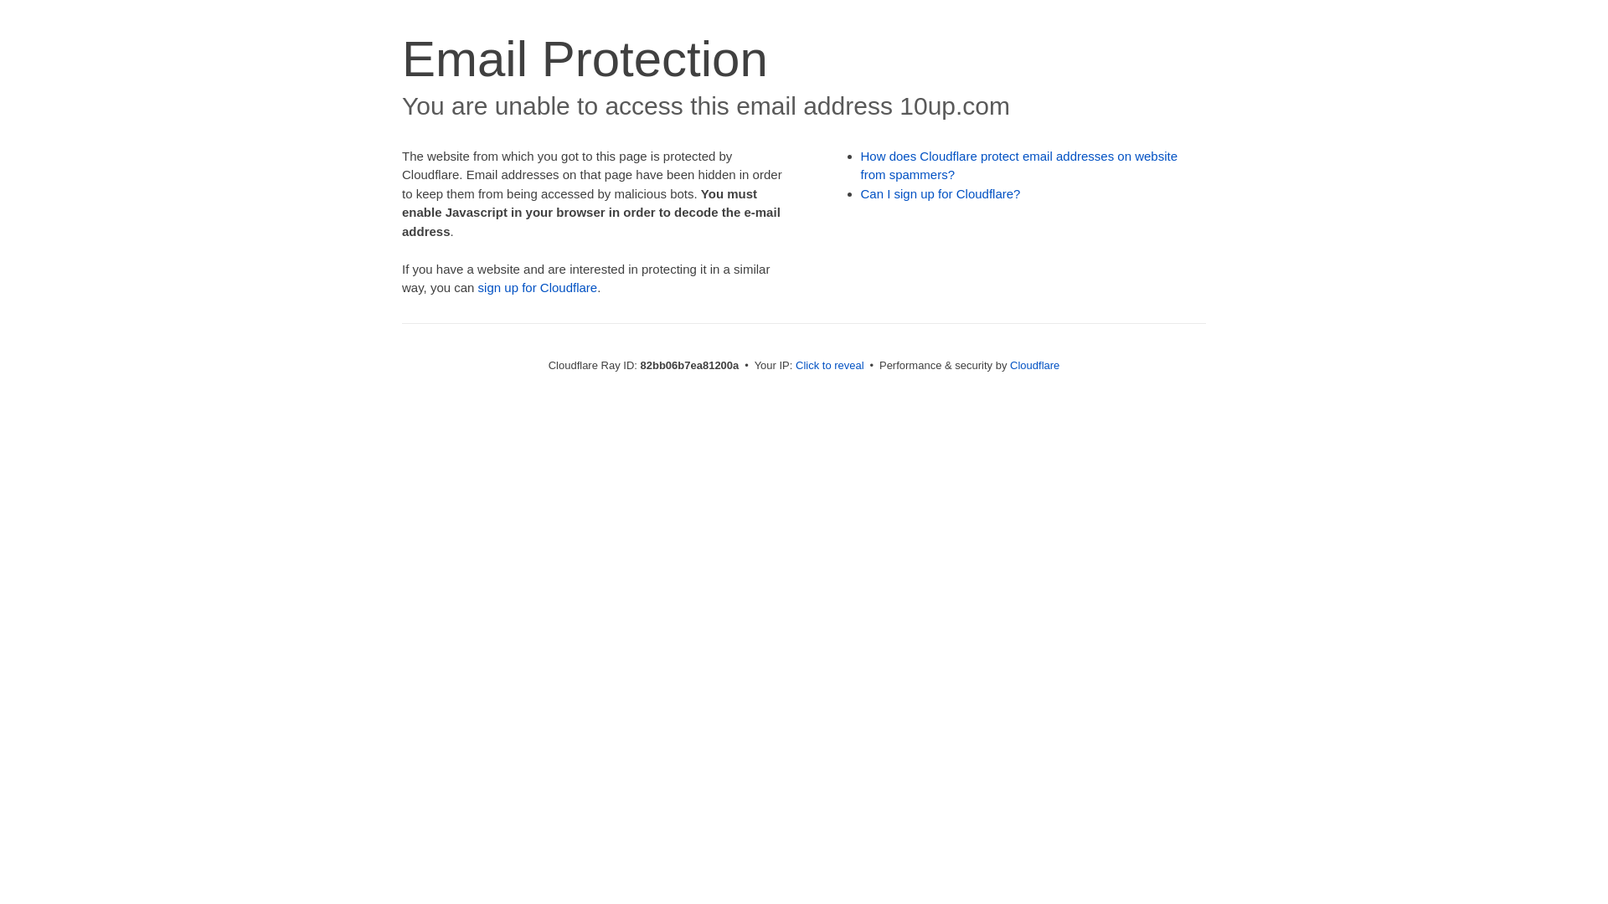  Describe the element at coordinates (477, 286) in the screenshot. I see `'sign up for Cloudflare'` at that location.